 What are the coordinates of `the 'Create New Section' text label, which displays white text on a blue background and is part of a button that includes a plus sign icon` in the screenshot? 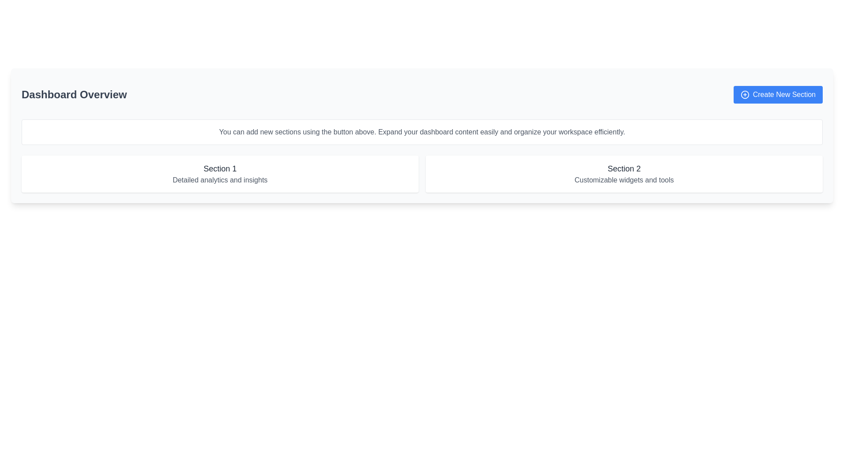 It's located at (784, 95).